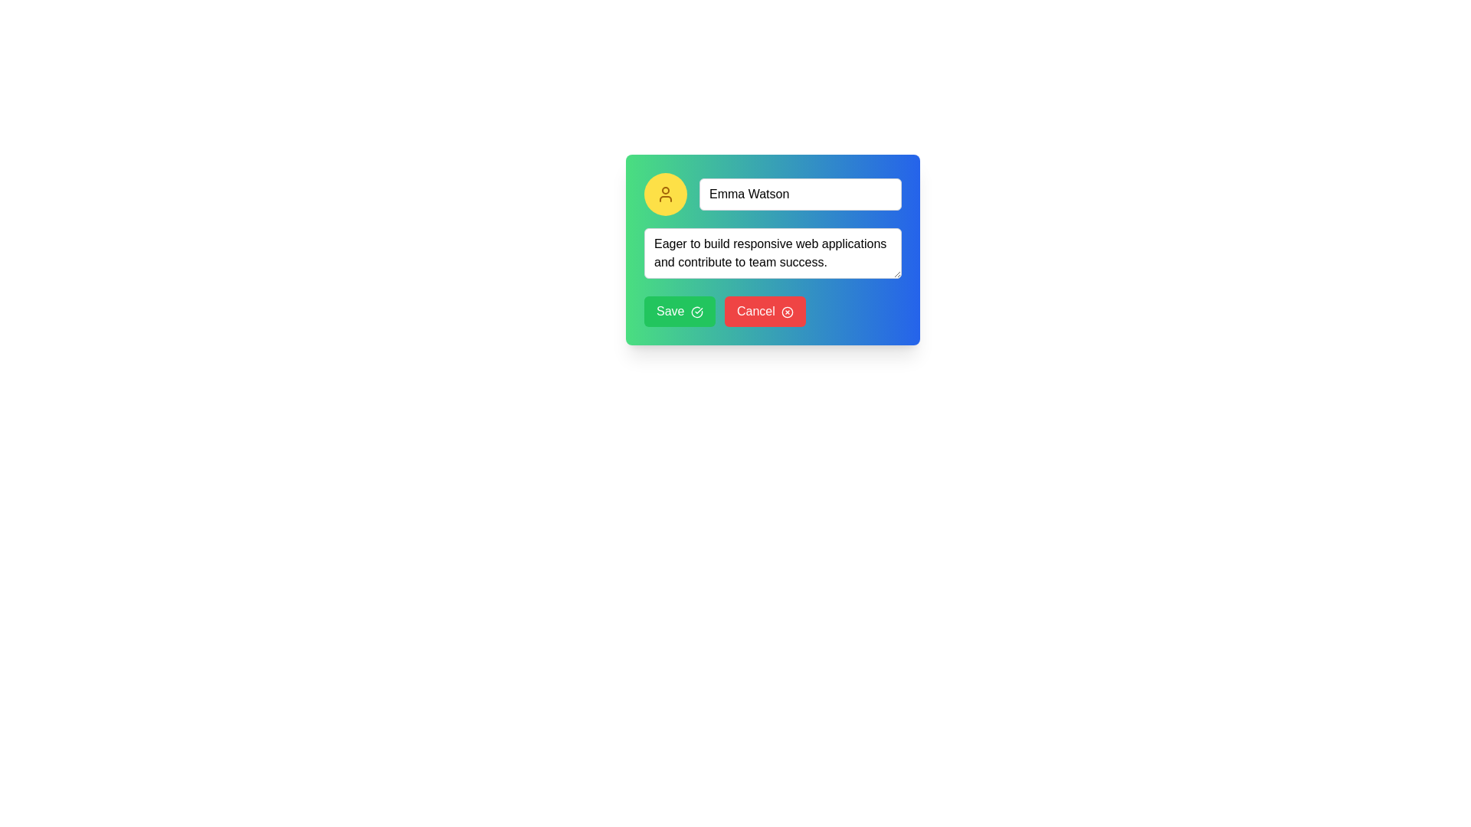  What do you see at coordinates (788, 311) in the screenshot?
I see `the circular graphic element that serves as the base of the cancel button located at the bottom-right of the user details form` at bounding box center [788, 311].